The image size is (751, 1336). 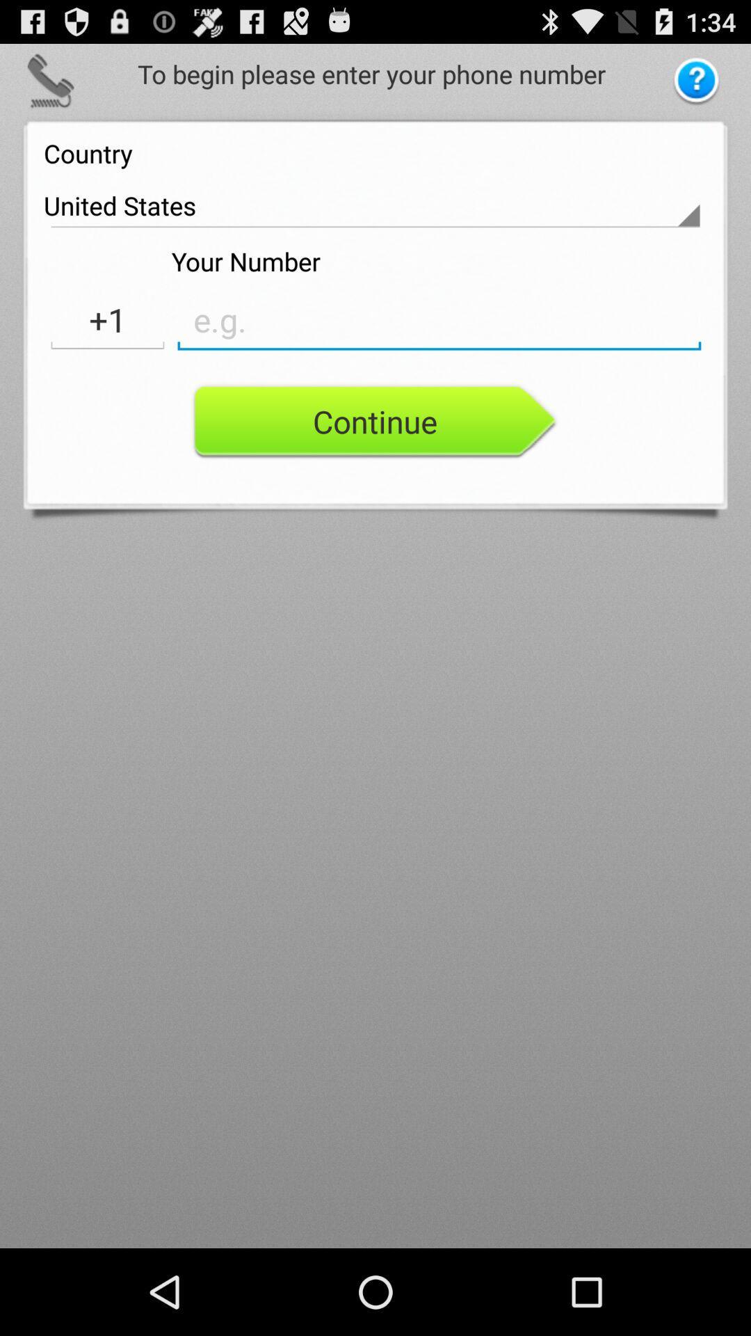 I want to click on help button, so click(x=696, y=81).